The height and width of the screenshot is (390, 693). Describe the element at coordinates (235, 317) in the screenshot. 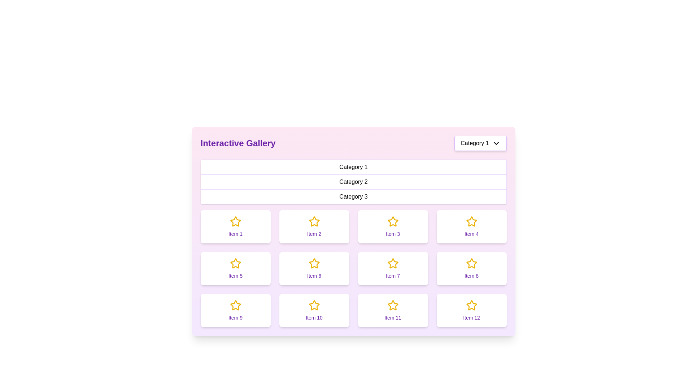

I see `the text label displaying 'Item 9' styled with a medium-sized font and purple color, located below a yellow star icon in the ninth tile of a grid layout` at that location.